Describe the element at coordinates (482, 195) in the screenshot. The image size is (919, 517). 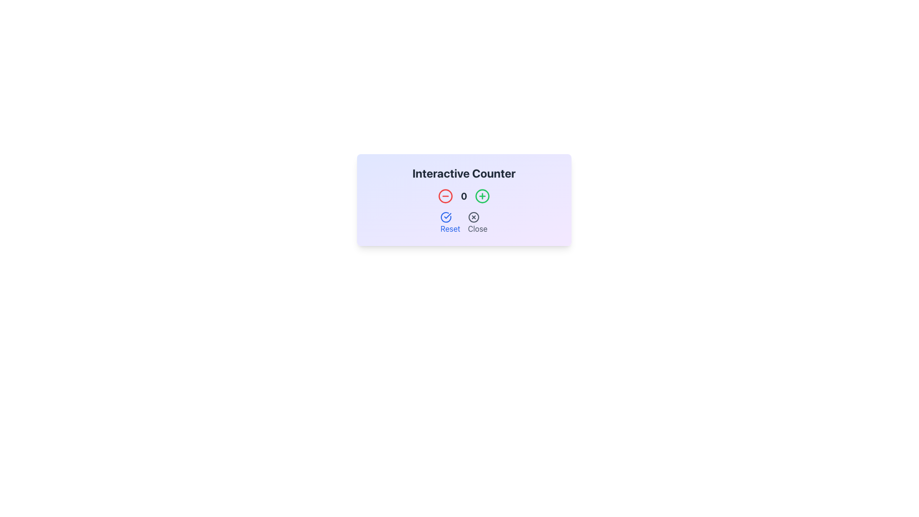
I see `the decorative plus icon represented by a circle in the SVG graphic located in the top section of the interface` at that location.